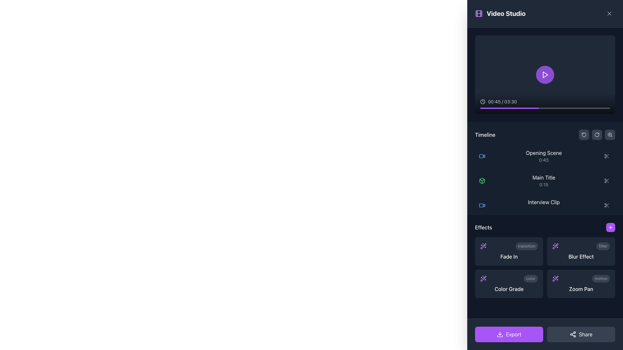 The height and width of the screenshot is (350, 623). What do you see at coordinates (581, 334) in the screenshot?
I see `the 'Share' button, which is a dark gray rectangular button with rounded corners located in the bottom-right corner of the interface, next to the 'Export' button` at bounding box center [581, 334].